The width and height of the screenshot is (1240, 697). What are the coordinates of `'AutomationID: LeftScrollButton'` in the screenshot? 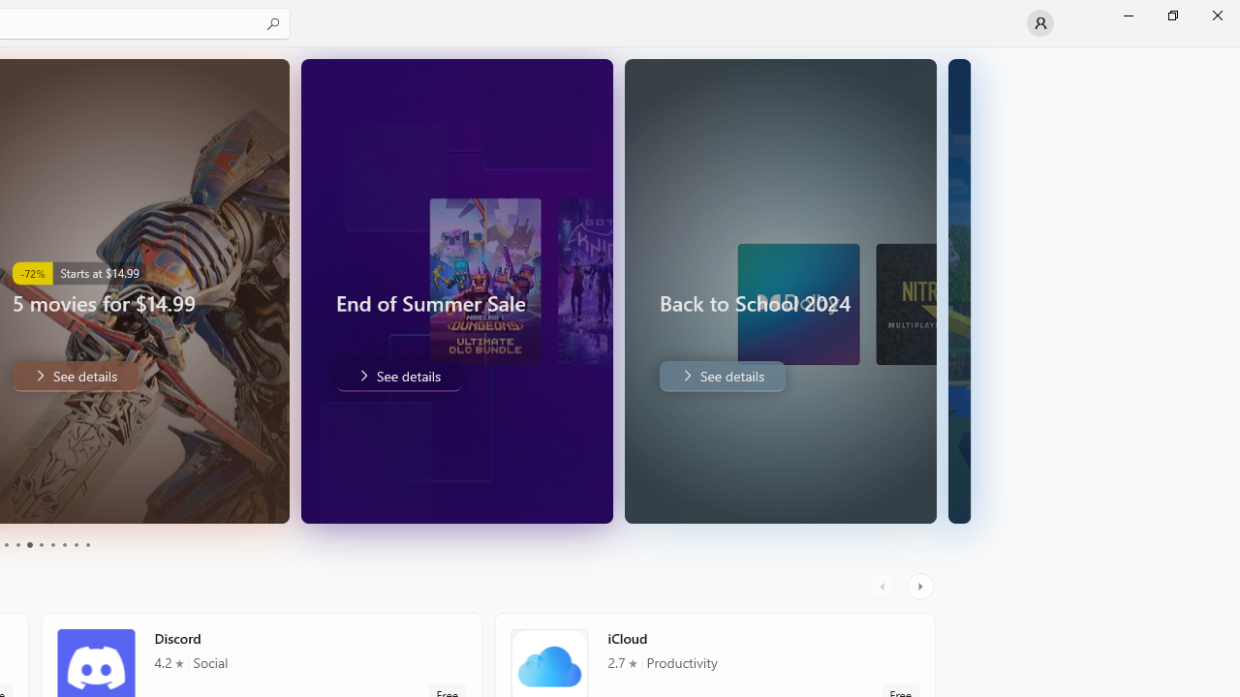 It's located at (883, 586).